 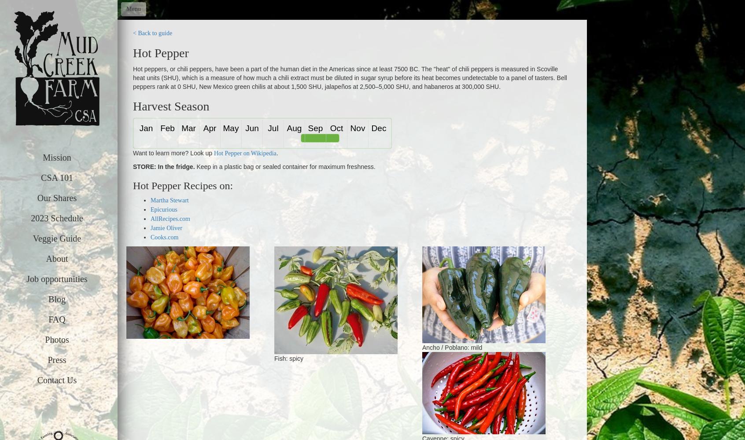 What do you see at coordinates (272, 128) in the screenshot?
I see `'Jul'` at bounding box center [272, 128].